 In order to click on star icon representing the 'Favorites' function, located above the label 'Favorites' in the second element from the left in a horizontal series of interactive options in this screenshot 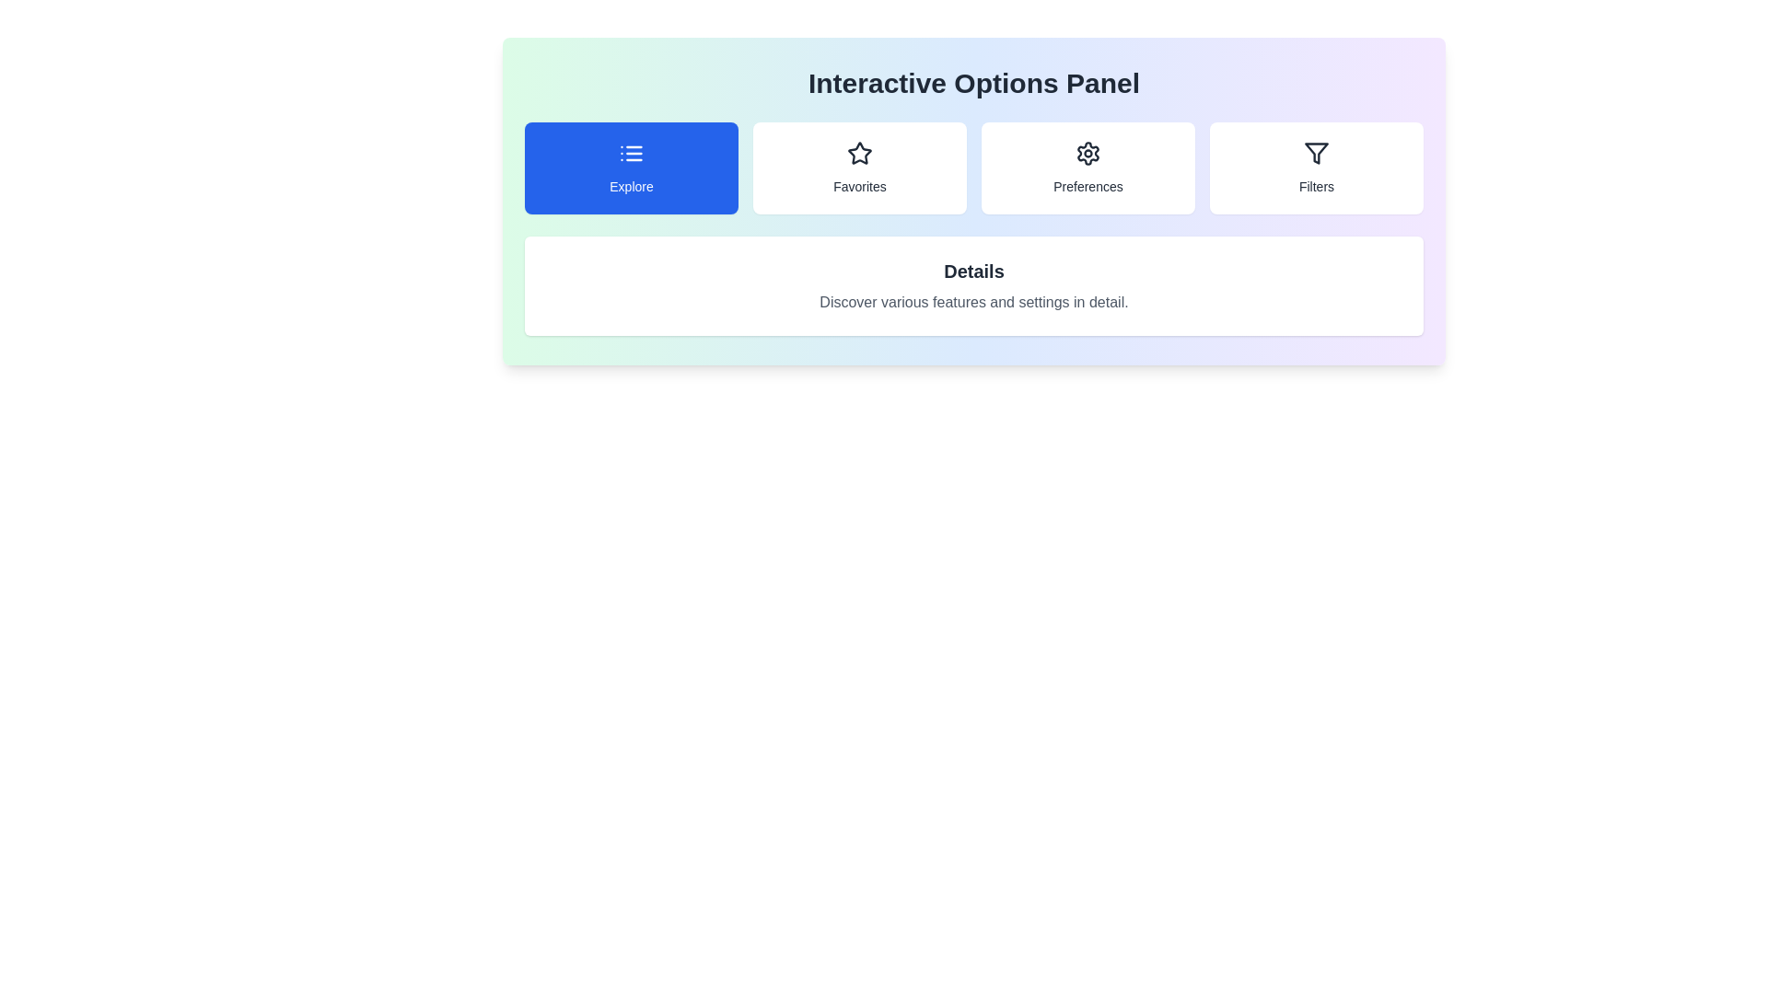, I will do `click(859, 152)`.